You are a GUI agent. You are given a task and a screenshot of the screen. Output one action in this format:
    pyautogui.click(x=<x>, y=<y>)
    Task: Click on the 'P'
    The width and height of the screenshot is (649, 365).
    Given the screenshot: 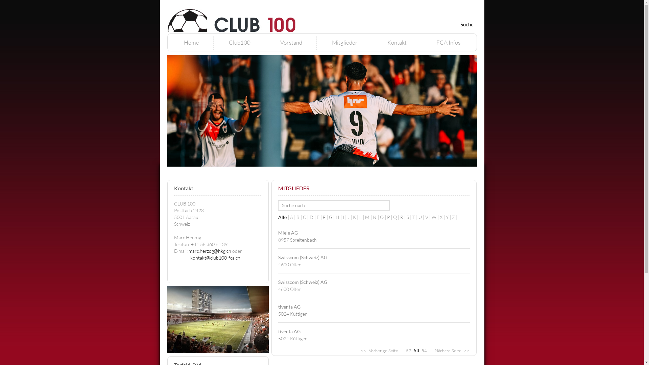 What is the action you would take?
    pyautogui.click(x=389, y=217)
    